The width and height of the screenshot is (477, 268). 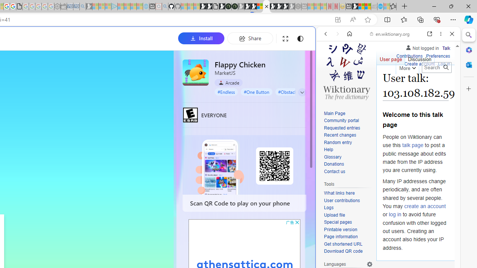 What do you see at coordinates (348, 67) in the screenshot?
I see `'This site scope'` at bounding box center [348, 67].